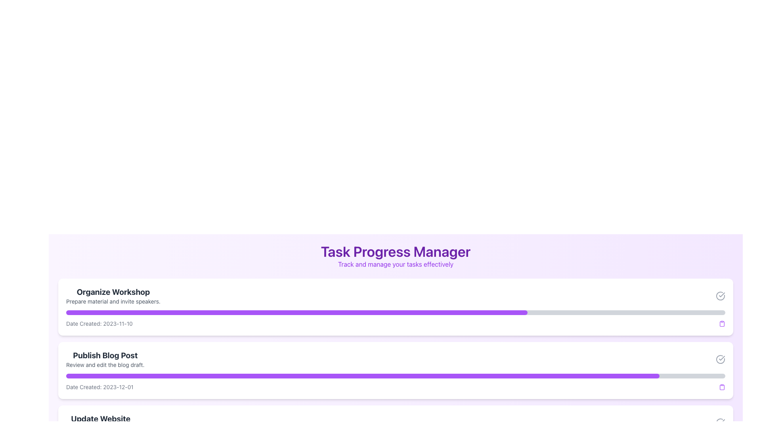 Image resolution: width=761 pixels, height=428 pixels. What do you see at coordinates (113, 296) in the screenshot?
I see `the 'Organize Workshop' label, which features a bold header and a subtext line, located at the top of the first card in a vertically stacked list of tasks` at bounding box center [113, 296].